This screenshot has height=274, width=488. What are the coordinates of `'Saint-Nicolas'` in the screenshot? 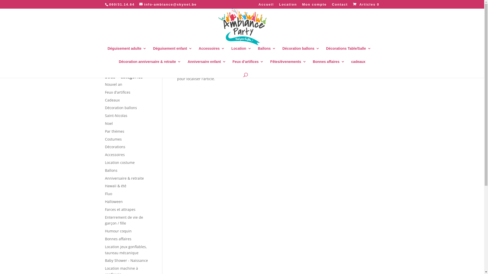 It's located at (116, 115).